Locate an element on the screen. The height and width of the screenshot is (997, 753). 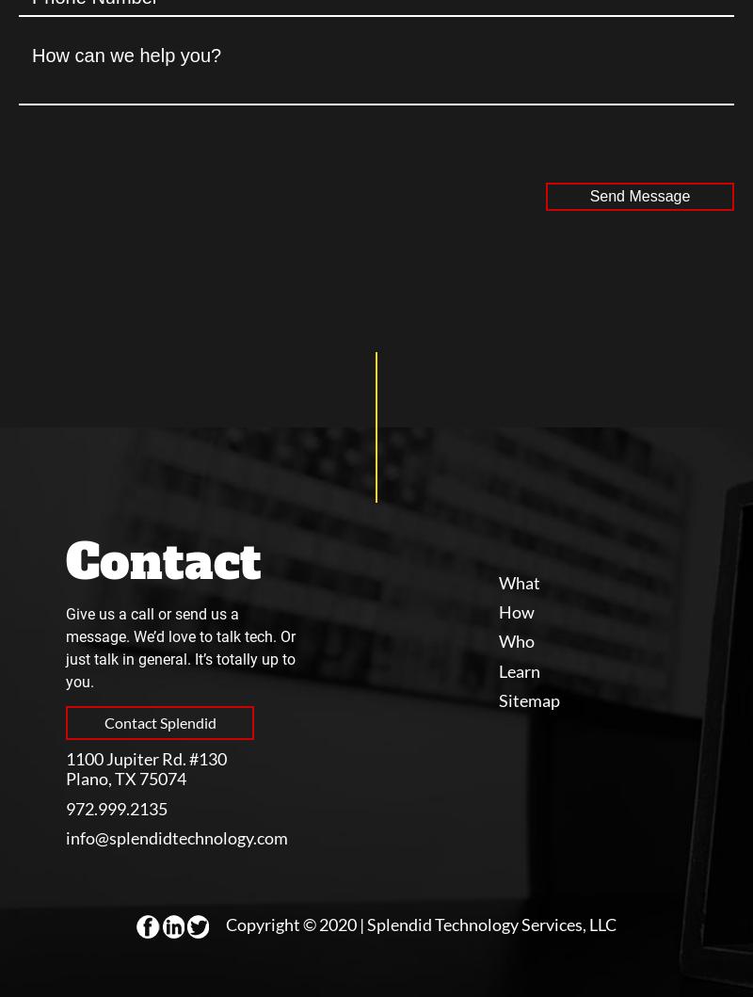
'Who' is located at coordinates (517, 641).